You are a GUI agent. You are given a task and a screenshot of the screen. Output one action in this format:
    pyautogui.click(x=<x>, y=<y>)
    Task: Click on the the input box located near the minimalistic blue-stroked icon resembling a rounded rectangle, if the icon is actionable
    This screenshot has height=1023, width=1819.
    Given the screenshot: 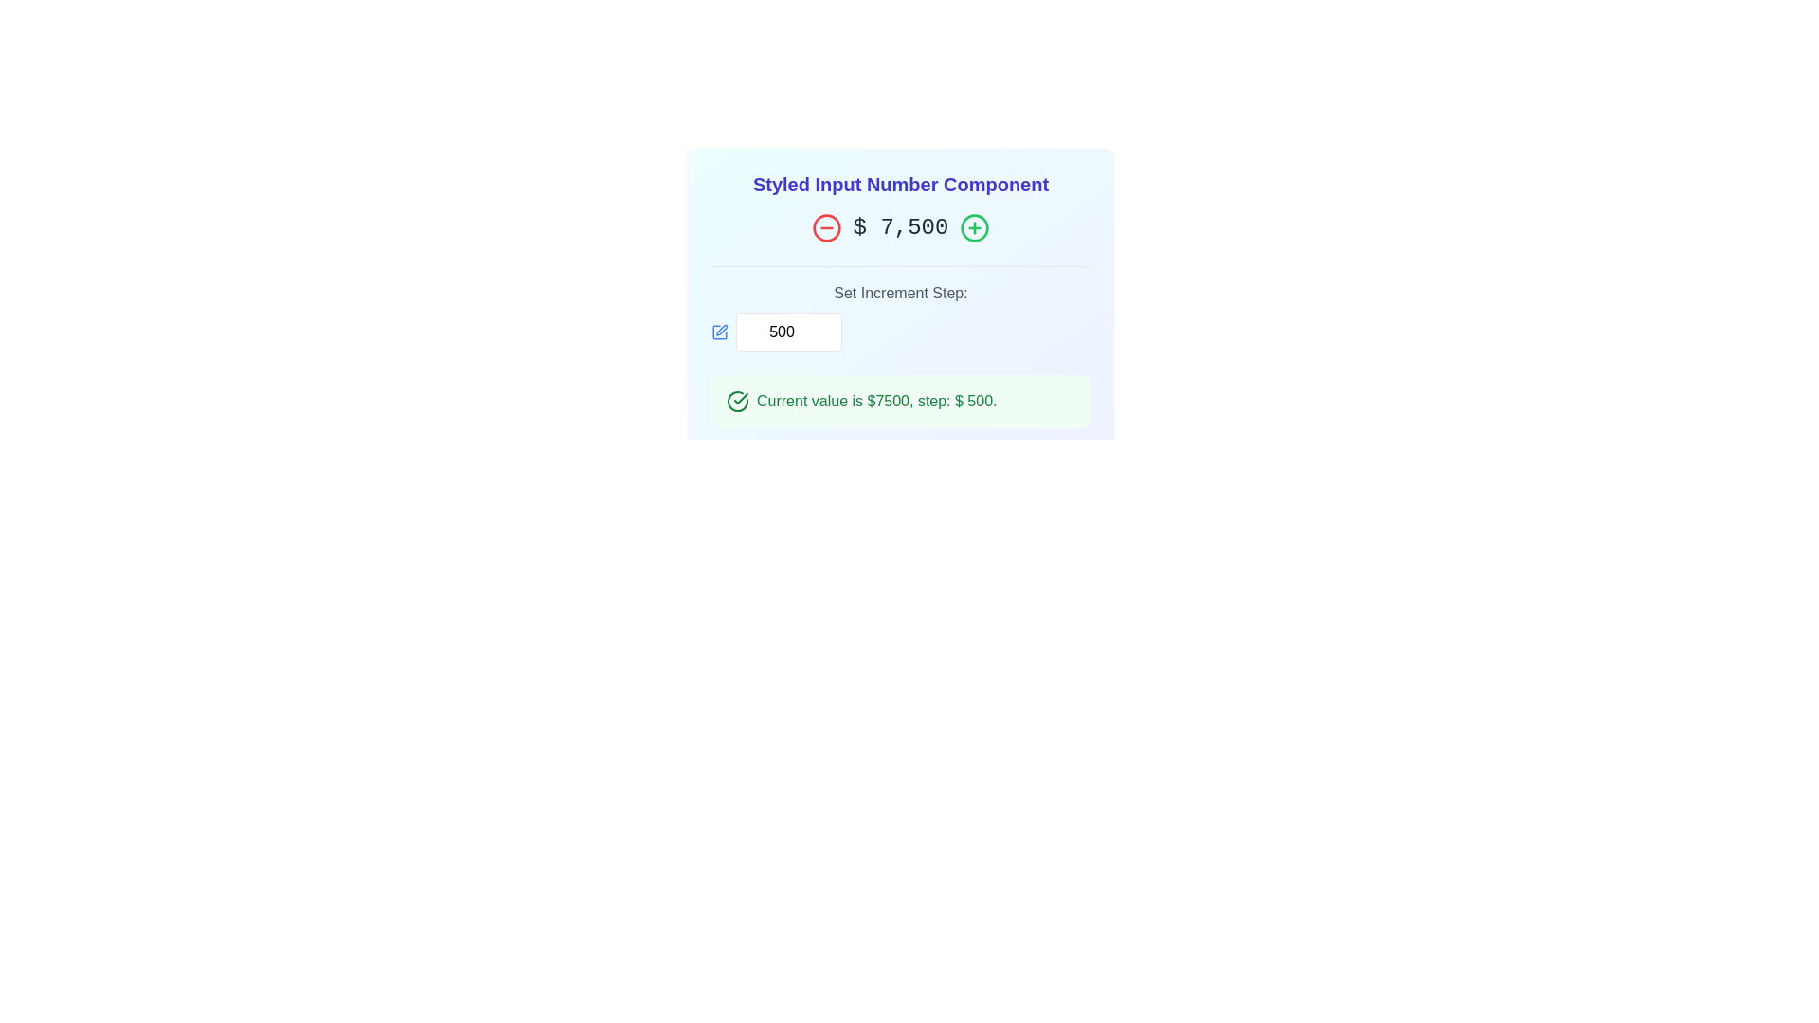 What is the action you would take?
    pyautogui.click(x=718, y=332)
    